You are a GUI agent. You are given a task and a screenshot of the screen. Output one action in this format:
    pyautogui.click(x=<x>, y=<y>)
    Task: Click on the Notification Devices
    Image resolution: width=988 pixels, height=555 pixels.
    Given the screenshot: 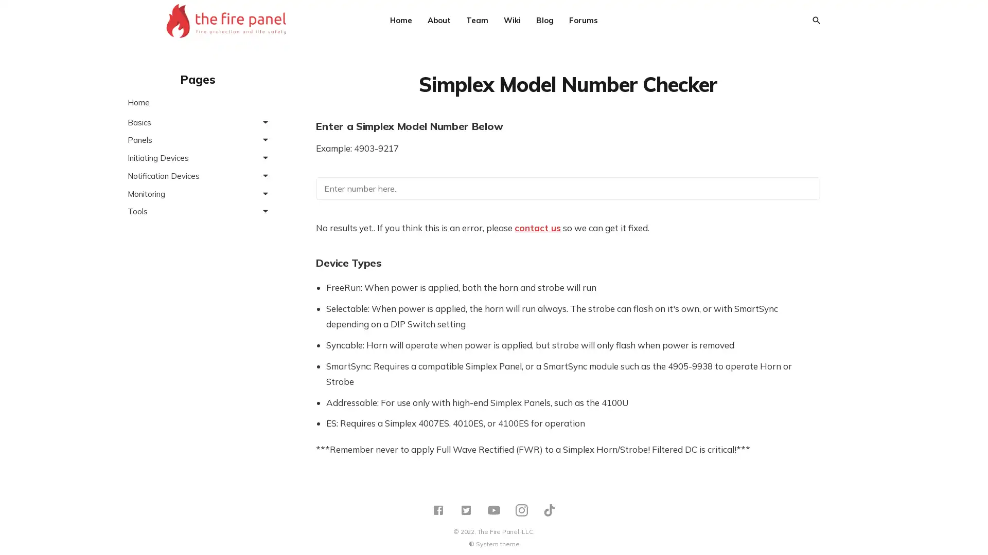 What is the action you would take?
    pyautogui.click(x=198, y=175)
    